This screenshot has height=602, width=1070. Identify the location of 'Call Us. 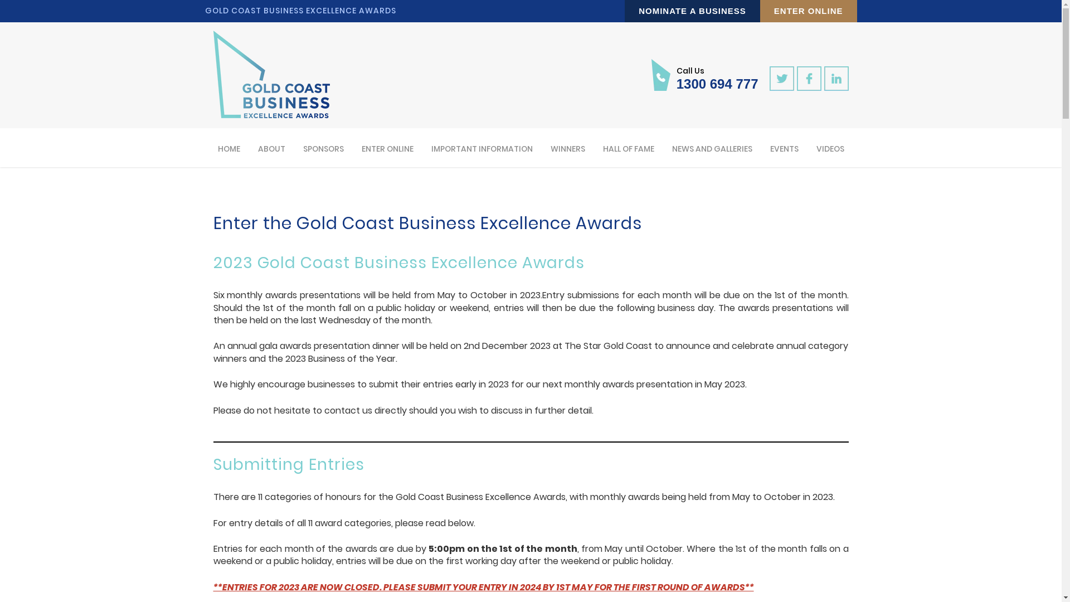
(704, 75).